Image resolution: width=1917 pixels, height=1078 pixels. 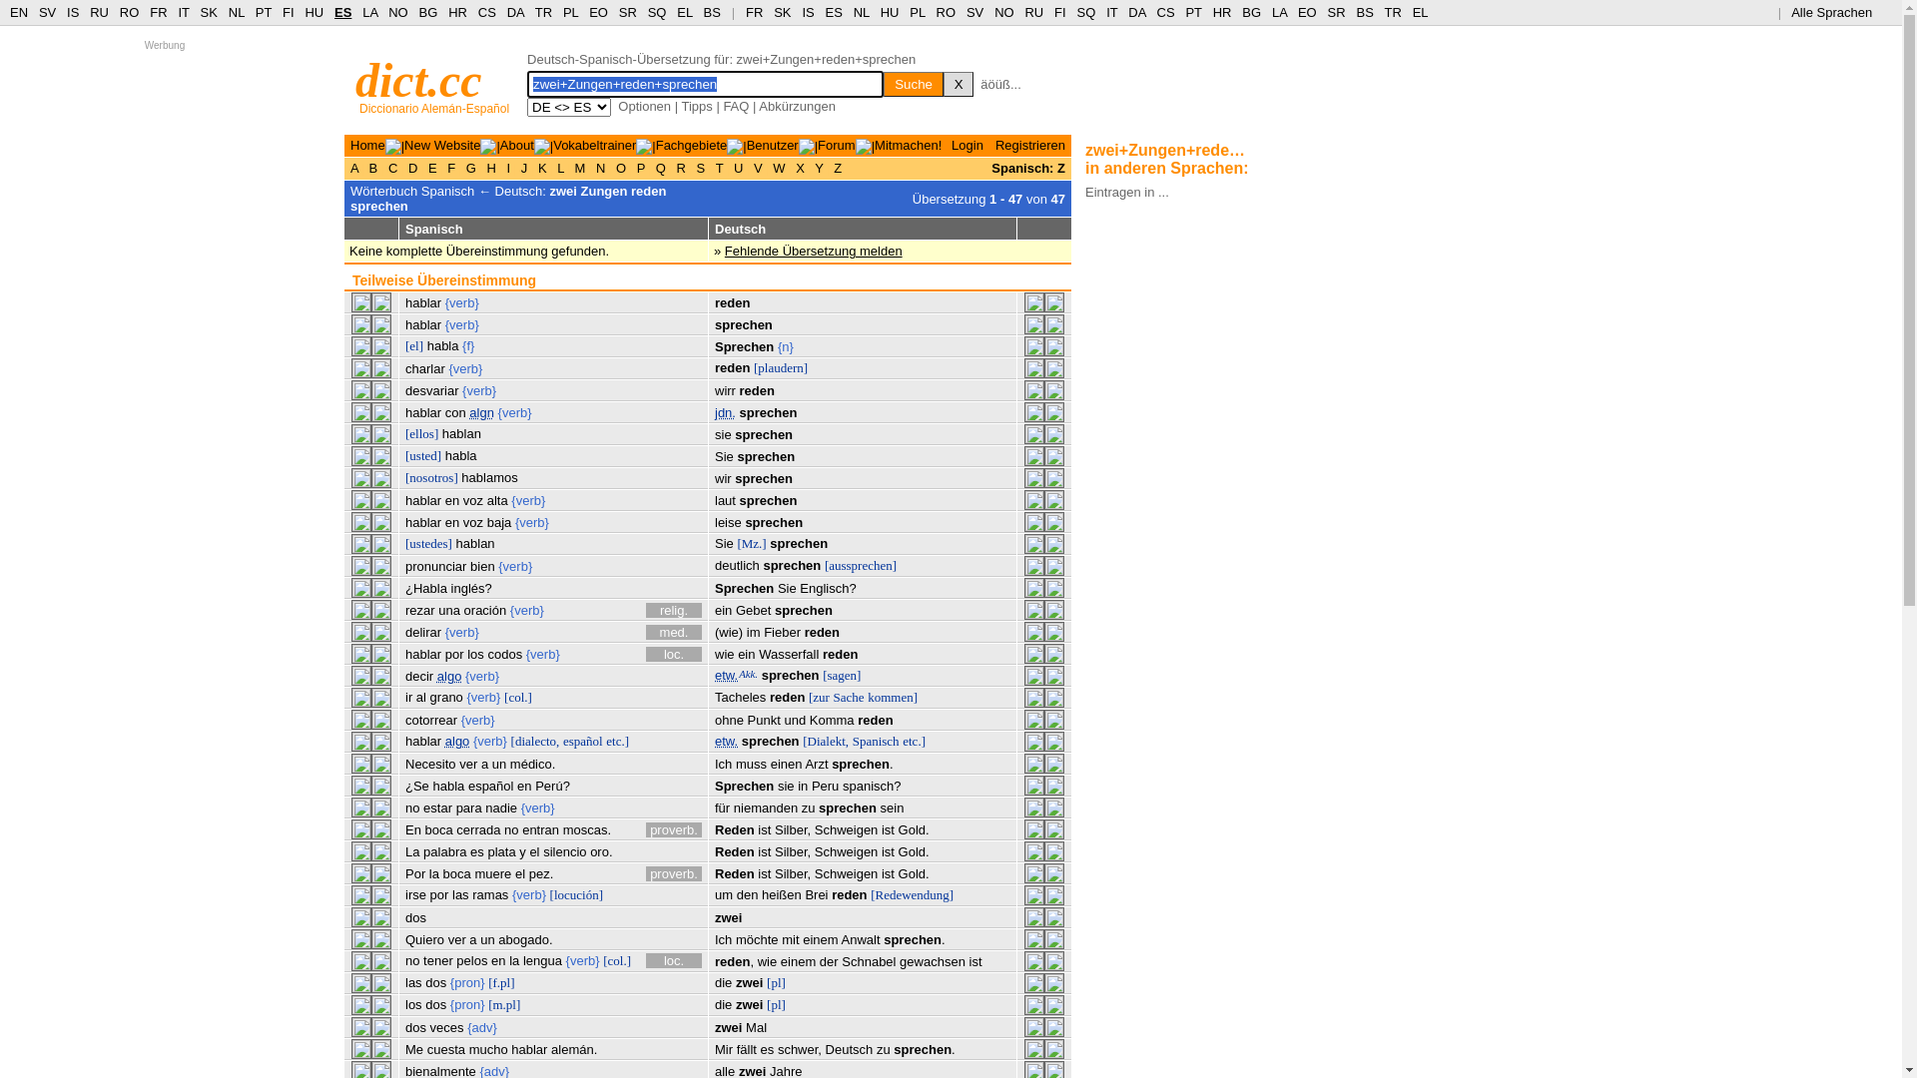 What do you see at coordinates (498, 764) in the screenshot?
I see `'un'` at bounding box center [498, 764].